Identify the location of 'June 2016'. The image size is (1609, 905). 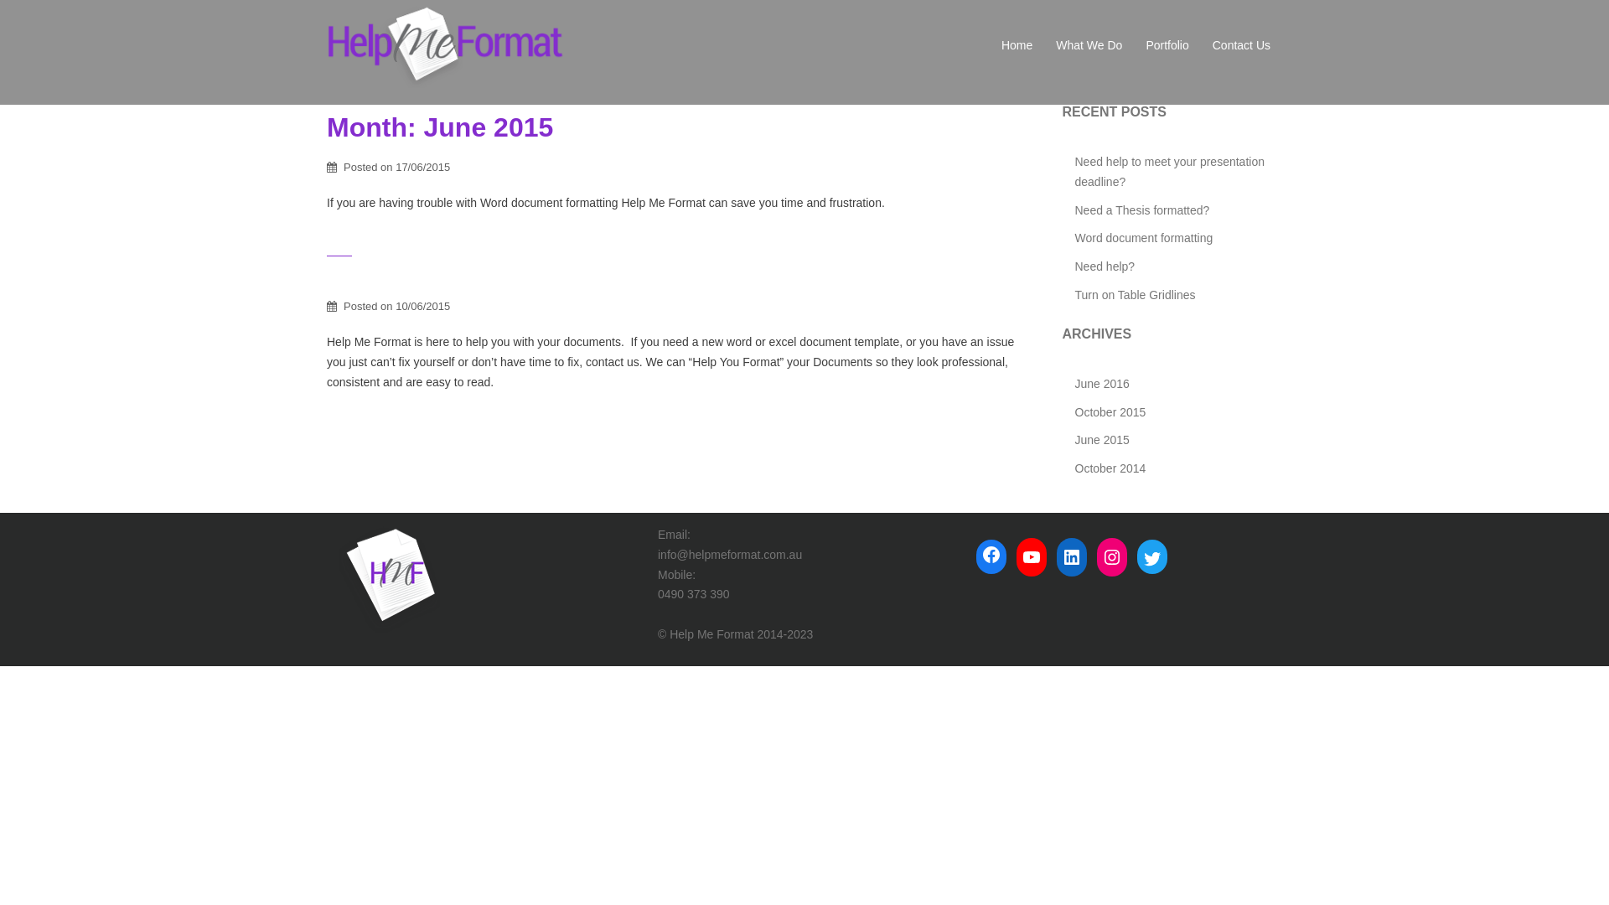
(1101, 384).